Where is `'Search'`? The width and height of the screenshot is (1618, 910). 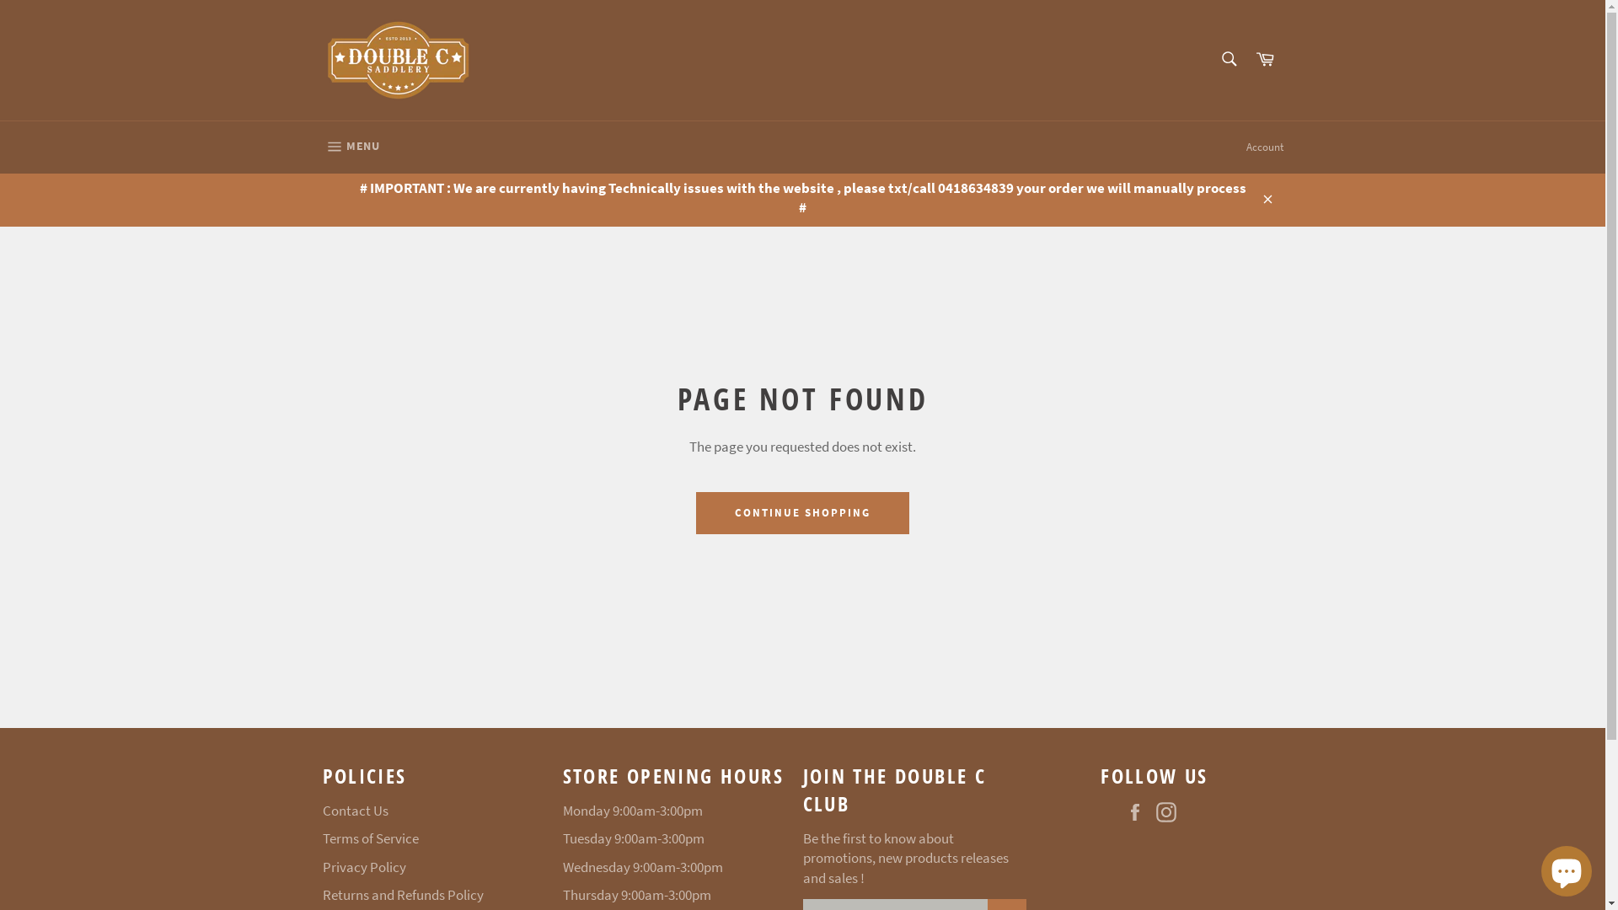 'Search' is located at coordinates (1208, 57).